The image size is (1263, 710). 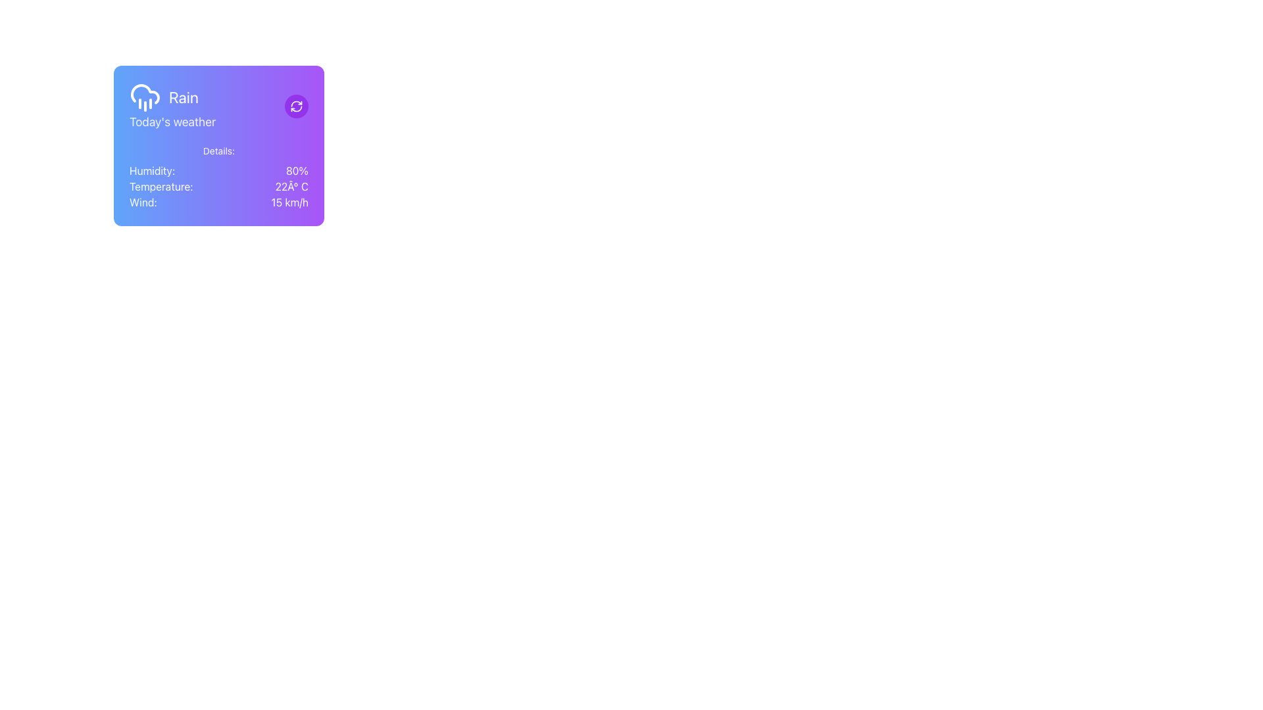 What do you see at coordinates (296, 170) in the screenshot?
I see `the text label displaying '80%' which is on the right side of the 'Humidity:' text within a purple card containing weather details` at bounding box center [296, 170].